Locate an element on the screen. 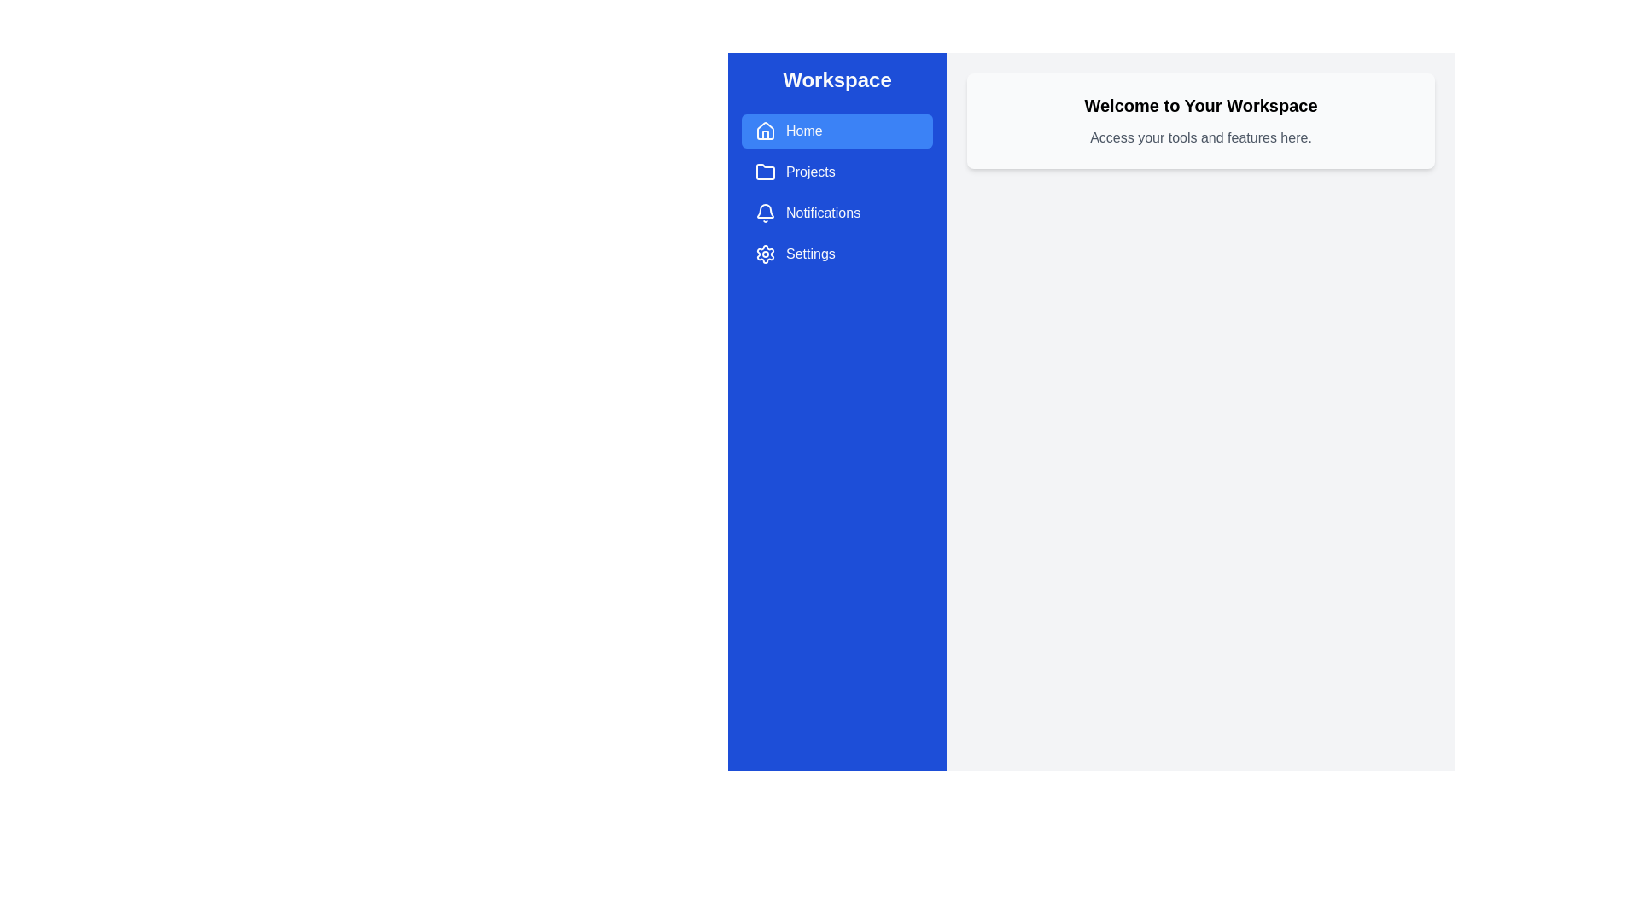  the 'Settings' menu icon in the sidebar is located at coordinates (765, 254).